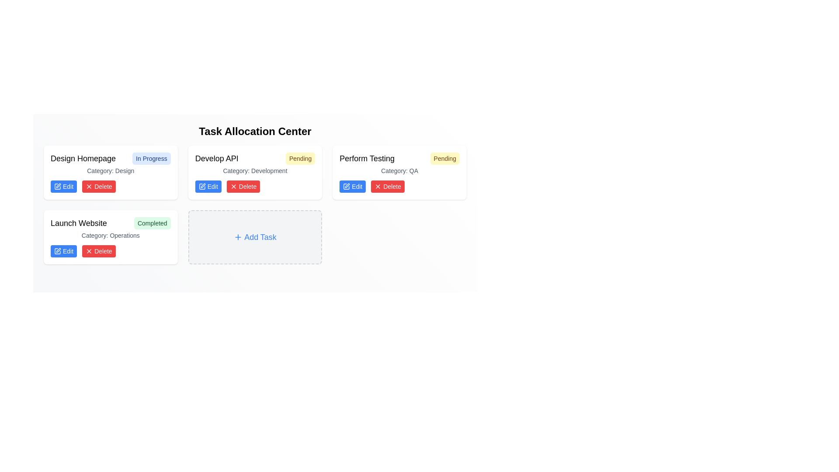  What do you see at coordinates (110, 170) in the screenshot?
I see `the 'Design' category text label located within the 'Design Homepage' task card, positioned below the title and 'In Progress' badge` at bounding box center [110, 170].